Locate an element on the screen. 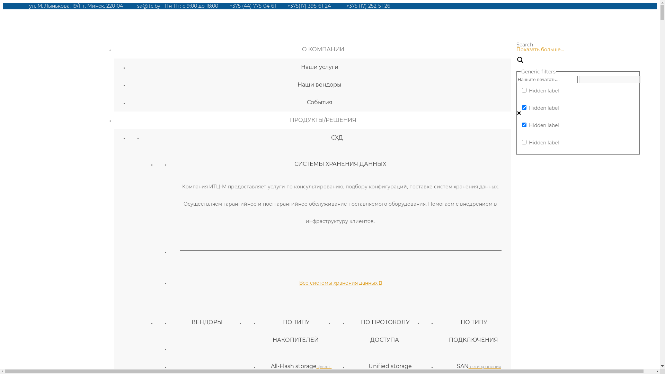 The width and height of the screenshot is (665, 374). '+375(17) 395-61-24' is located at coordinates (309, 6).